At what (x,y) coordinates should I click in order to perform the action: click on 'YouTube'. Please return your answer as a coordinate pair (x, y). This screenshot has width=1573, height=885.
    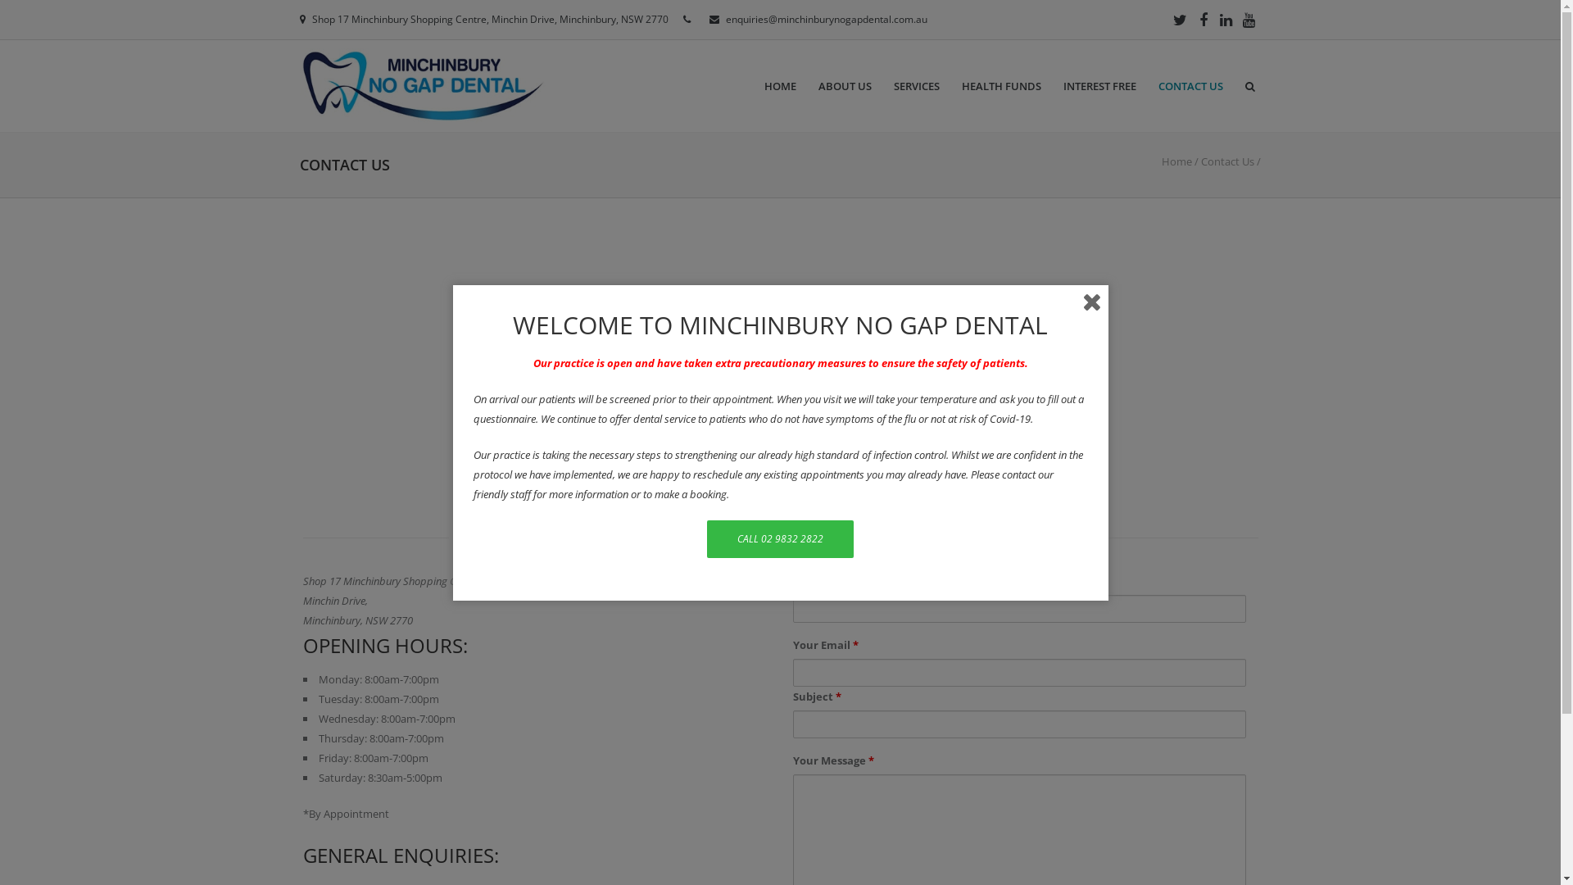
    Looking at the image, I should click on (1239, 19).